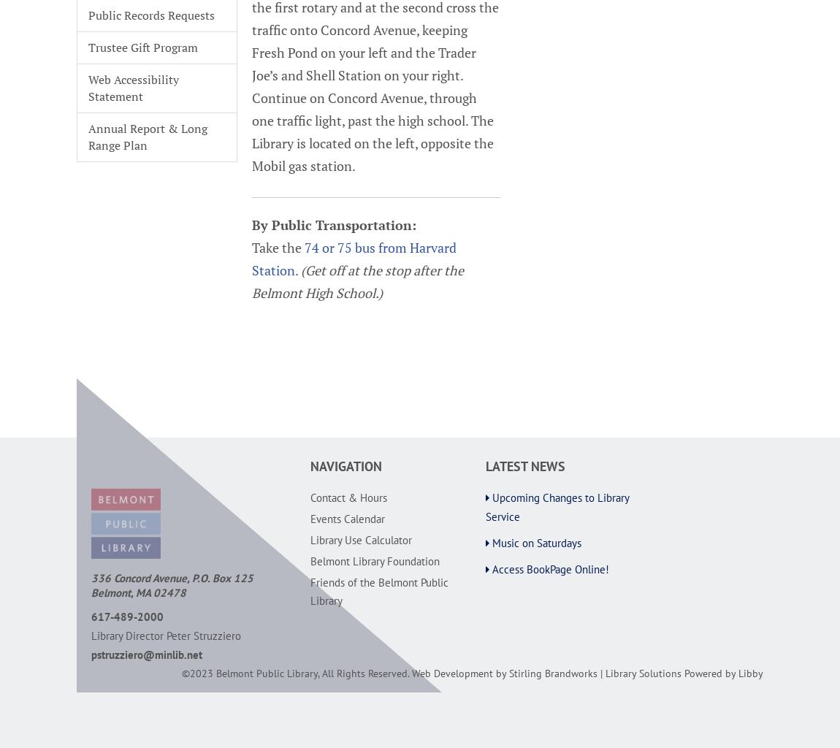 Image resolution: width=840 pixels, height=748 pixels. What do you see at coordinates (413, 671) in the screenshot?
I see `', All Rights Reserved. Web Development by'` at bounding box center [413, 671].